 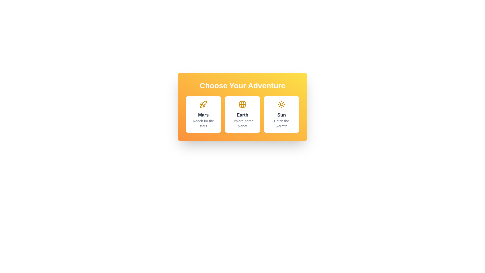 I want to click on the destination card for Sun, so click(x=281, y=114).